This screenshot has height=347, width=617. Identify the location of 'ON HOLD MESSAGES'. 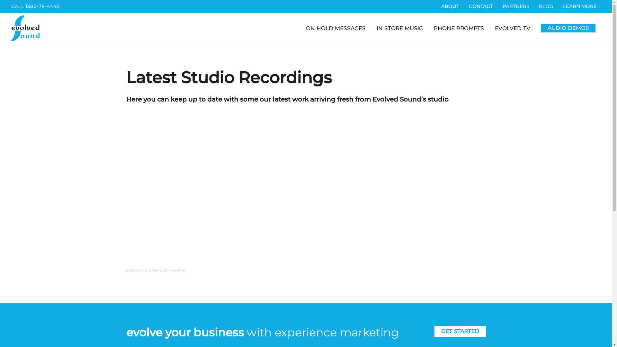
(335, 28).